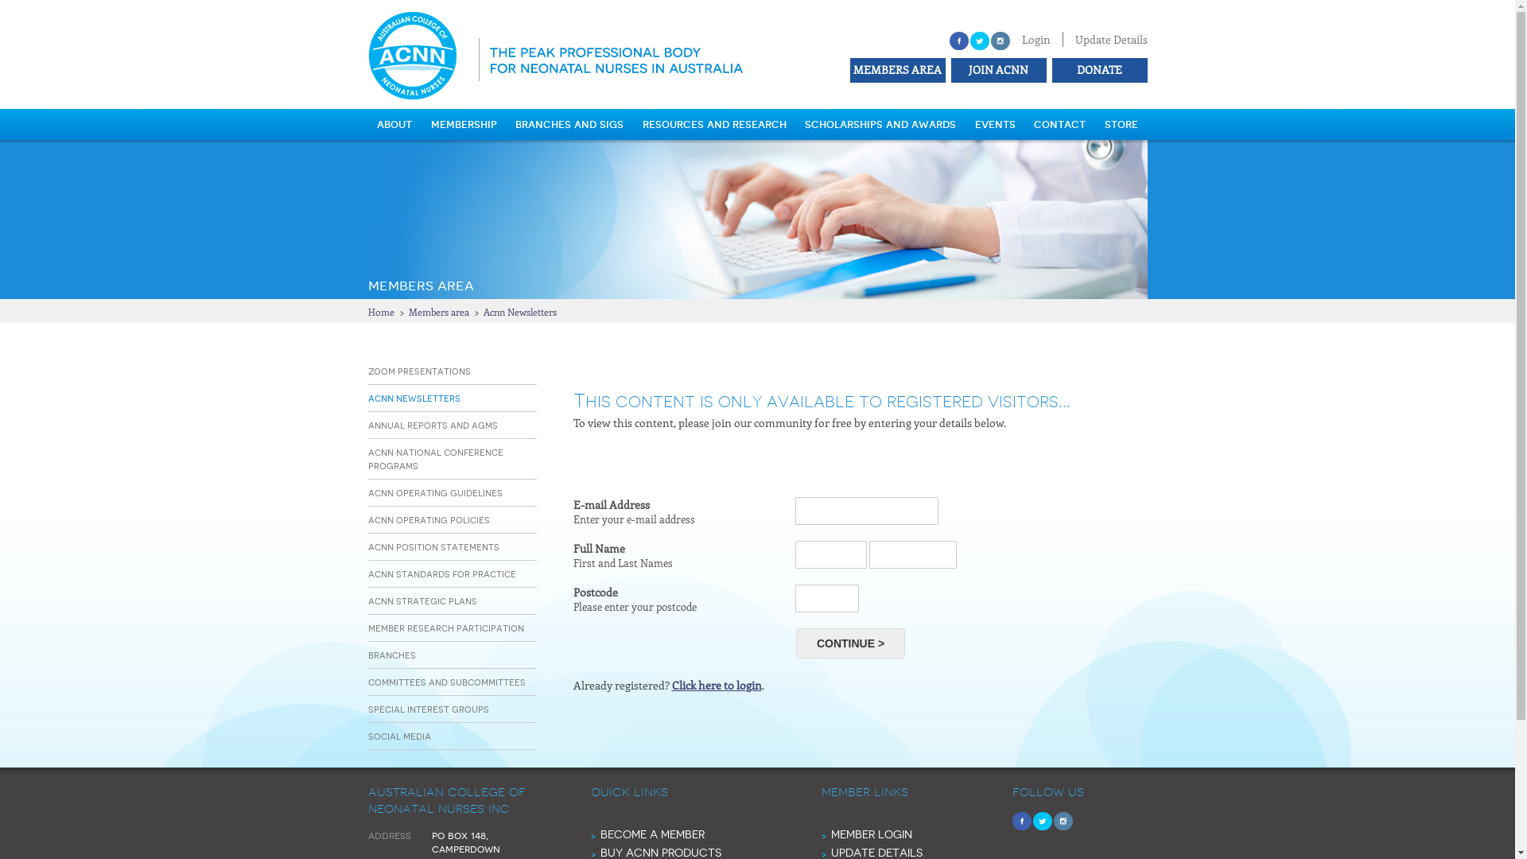  Describe the element at coordinates (958, 40) in the screenshot. I see `'Facebook'` at that location.